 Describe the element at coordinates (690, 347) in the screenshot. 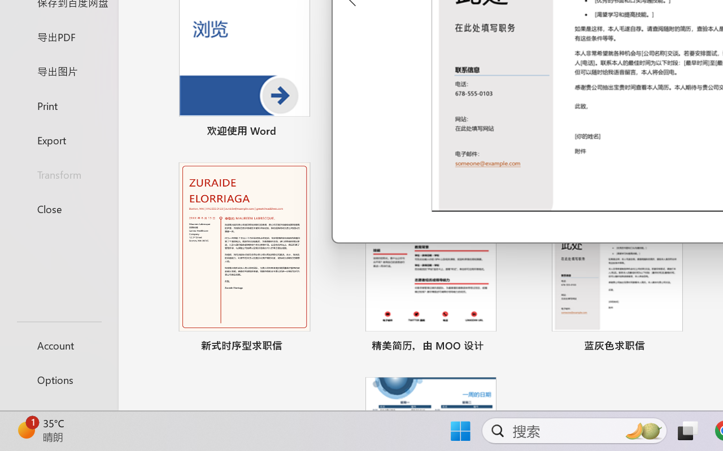

I see `'Pin to list'` at that location.